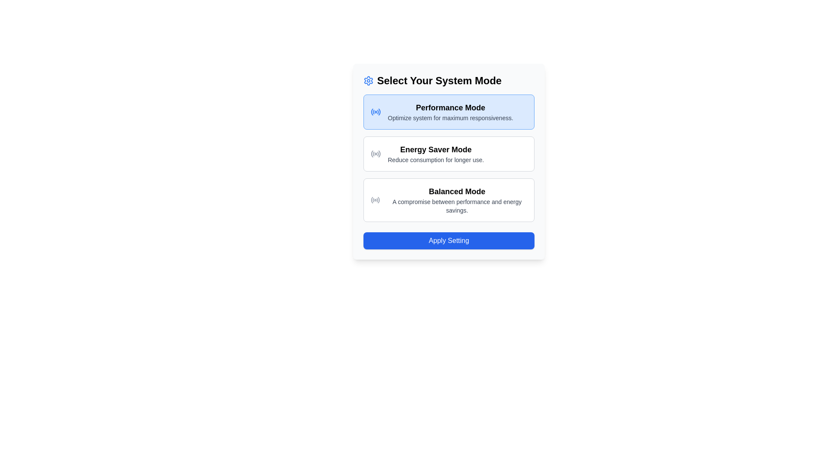 Image resolution: width=821 pixels, height=462 pixels. Describe the element at coordinates (375, 200) in the screenshot. I see `the circular radio button icon located to the left of the 'Balanced Mode' text in the option card` at that location.